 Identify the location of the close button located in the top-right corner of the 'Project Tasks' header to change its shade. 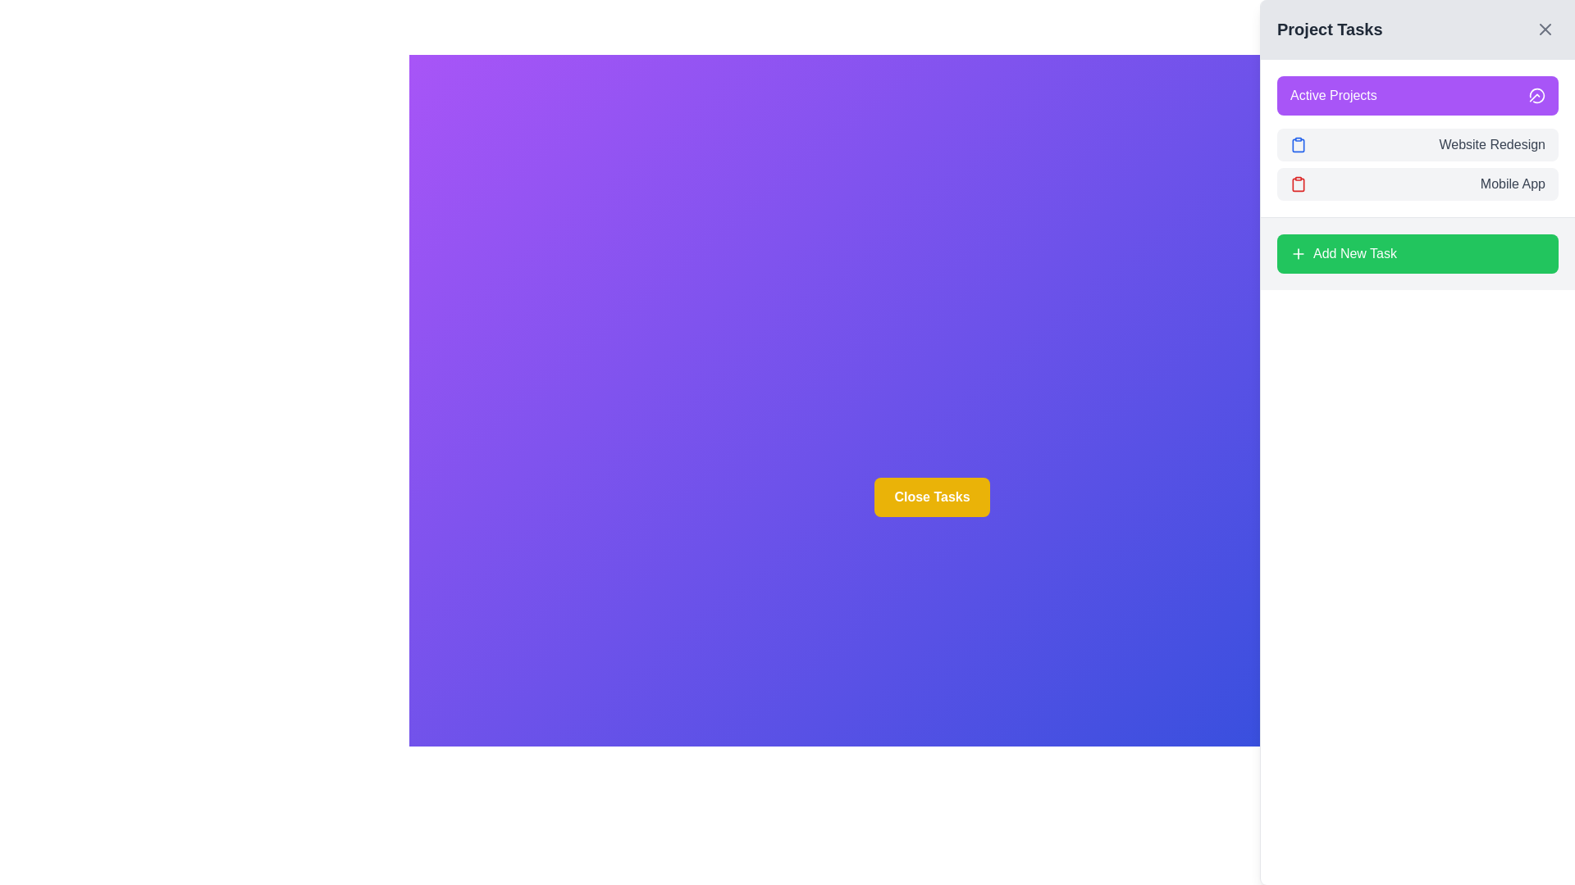
(1544, 29).